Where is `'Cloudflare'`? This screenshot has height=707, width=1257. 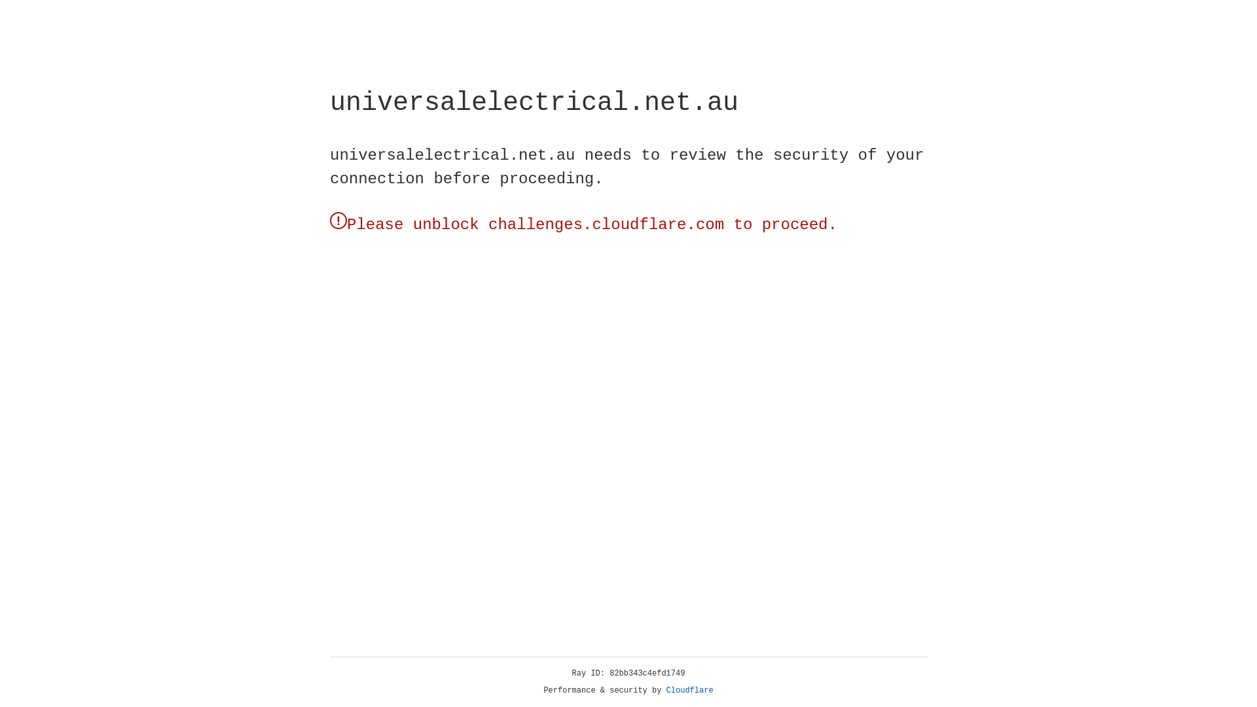
'Cloudflare' is located at coordinates (689, 690).